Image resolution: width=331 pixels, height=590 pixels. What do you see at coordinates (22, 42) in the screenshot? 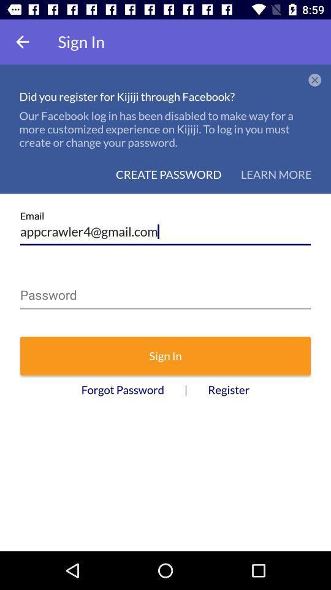
I see `the item next to sign in icon` at bounding box center [22, 42].